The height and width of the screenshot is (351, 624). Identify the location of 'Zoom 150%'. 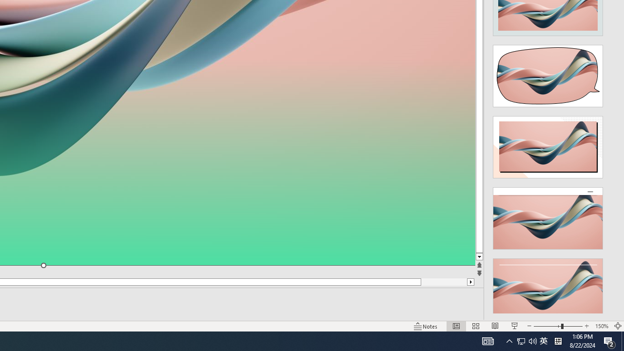
(601, 326).